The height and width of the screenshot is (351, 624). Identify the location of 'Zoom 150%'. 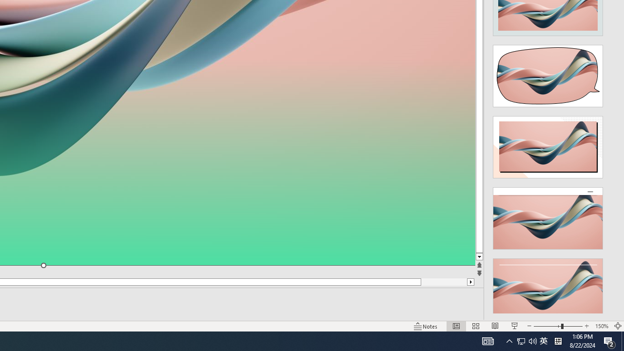
(601, 326).